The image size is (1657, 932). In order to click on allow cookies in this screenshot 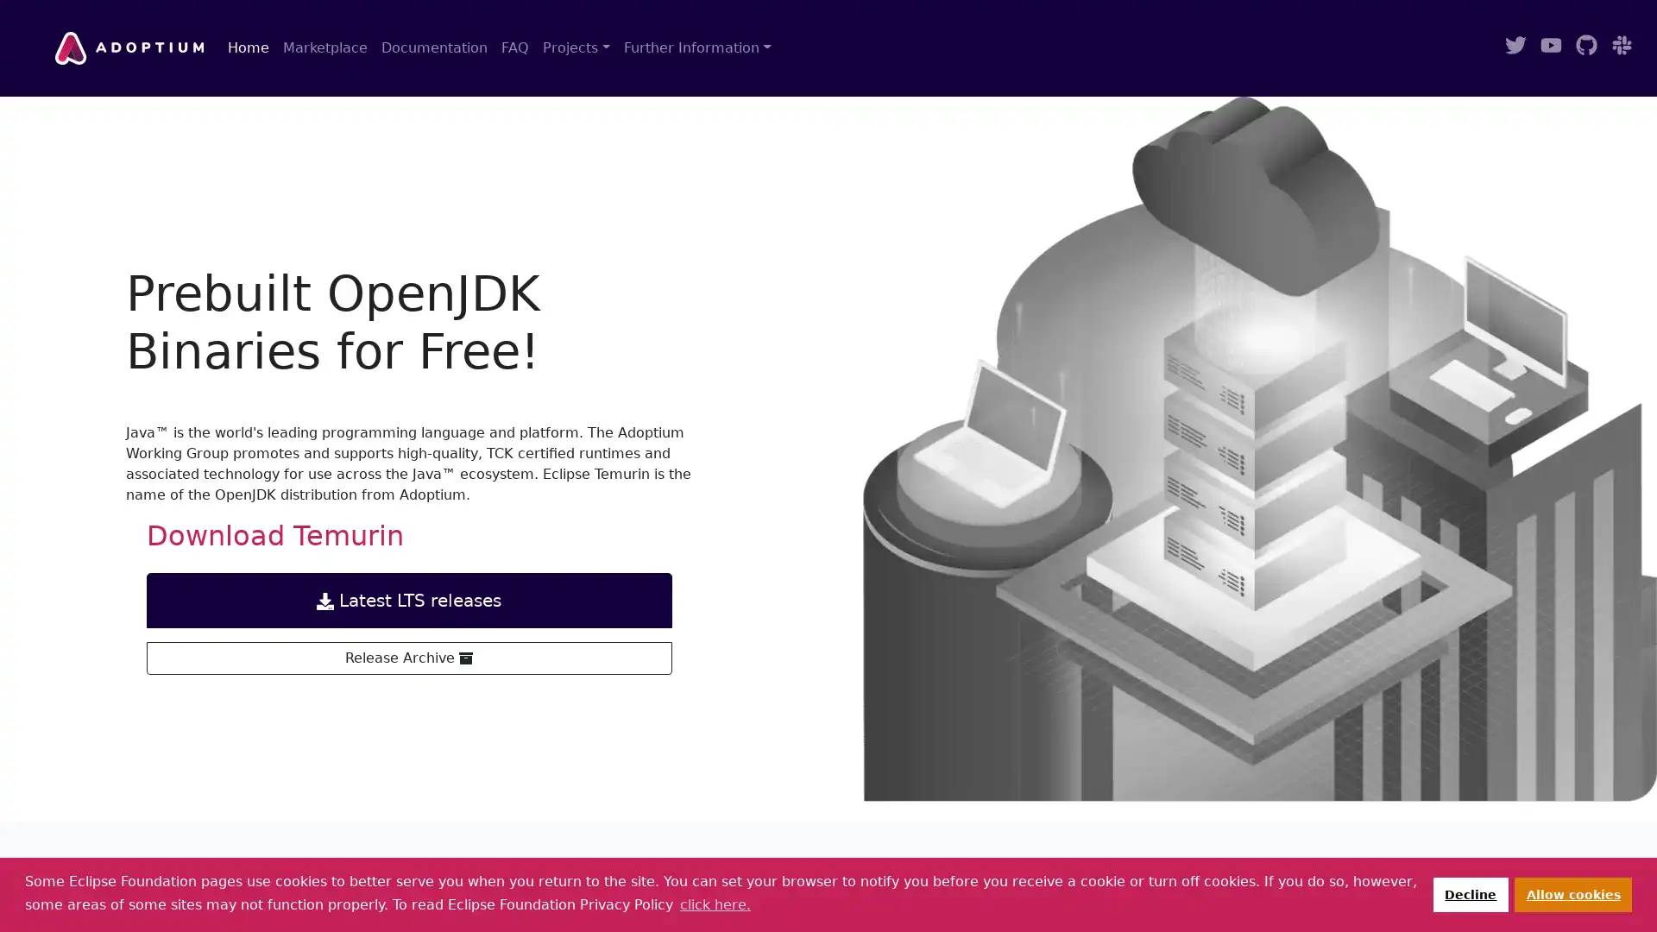, I will do `click(1573, 893)`.